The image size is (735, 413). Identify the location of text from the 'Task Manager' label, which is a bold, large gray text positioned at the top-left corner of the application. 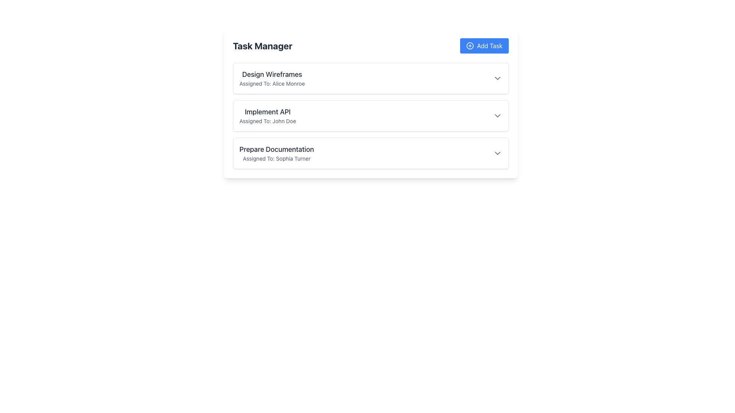
(263, 46).